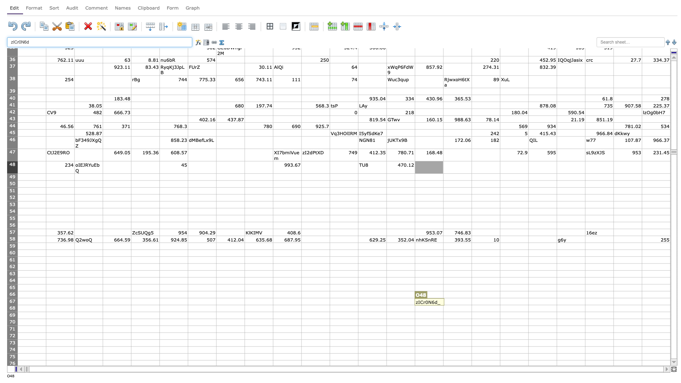 The image size is (681, 383). I want to click on Series fill point of cell Q68, so click(500, 311).